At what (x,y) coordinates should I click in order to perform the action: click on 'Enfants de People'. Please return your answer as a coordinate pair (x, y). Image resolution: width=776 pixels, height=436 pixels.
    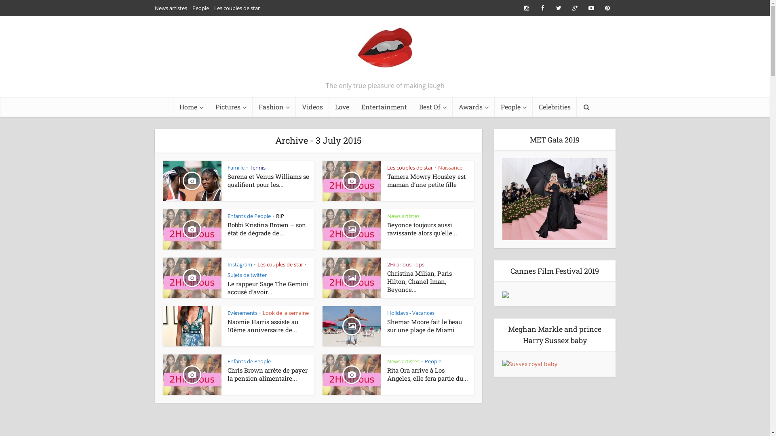
    Looking at the image, I should click on (248, 216).